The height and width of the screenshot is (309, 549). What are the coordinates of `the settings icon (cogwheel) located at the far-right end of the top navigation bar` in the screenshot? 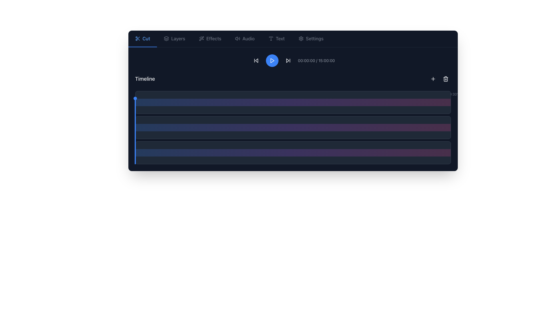 It's located at (301, 39).